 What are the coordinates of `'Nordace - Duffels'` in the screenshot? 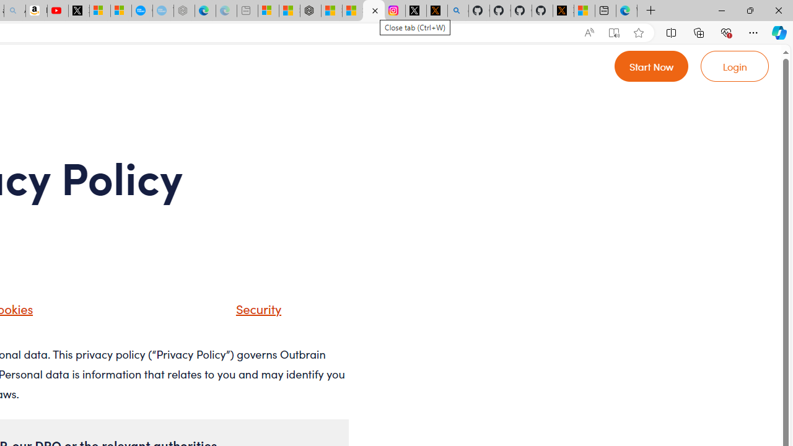 It's located at (310, 11).